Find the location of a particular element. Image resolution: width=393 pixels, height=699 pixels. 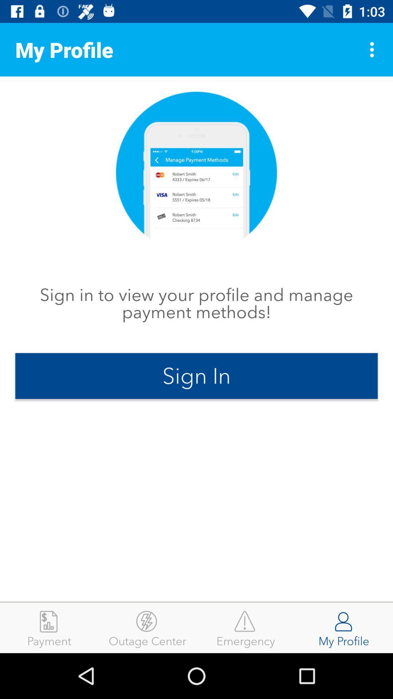

the item to the left of my profile is located at coordinates (246, 627).